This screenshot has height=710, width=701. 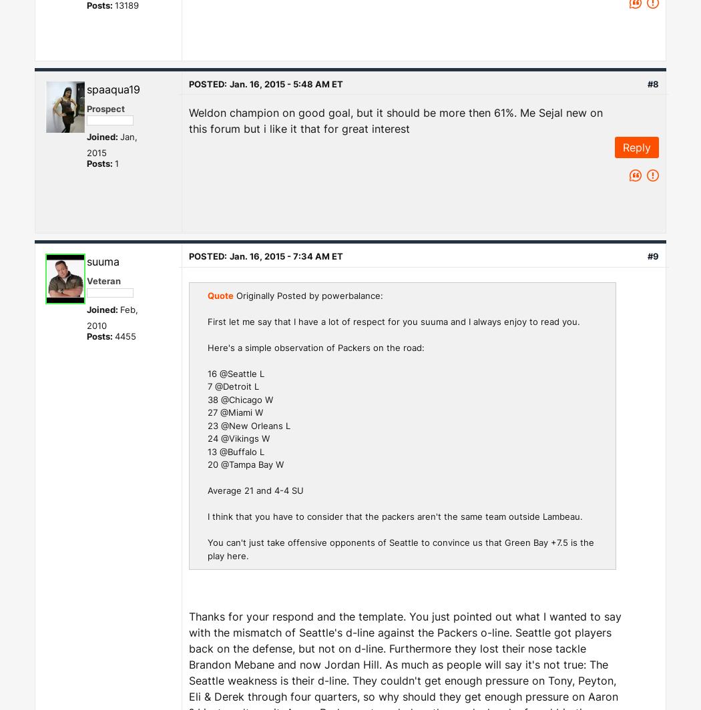 I want to click on '24 @Vikings W', so click(x=238, y=438).